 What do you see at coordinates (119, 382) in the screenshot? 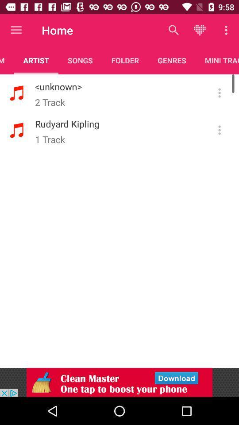
I see `advertisement banner` at bounding box center [119, 382].